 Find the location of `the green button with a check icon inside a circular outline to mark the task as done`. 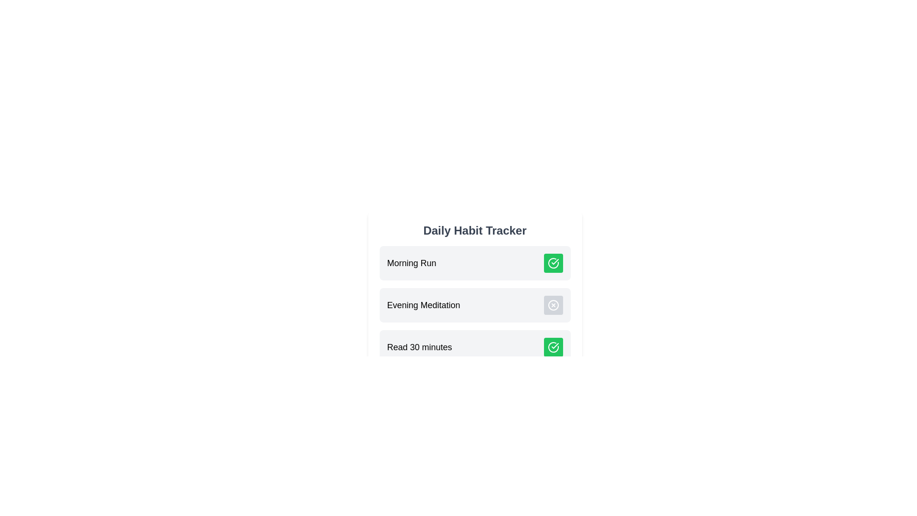

the green button with a check icon inside a circular outline to mark the task as done is located at coordinates (553, 347).